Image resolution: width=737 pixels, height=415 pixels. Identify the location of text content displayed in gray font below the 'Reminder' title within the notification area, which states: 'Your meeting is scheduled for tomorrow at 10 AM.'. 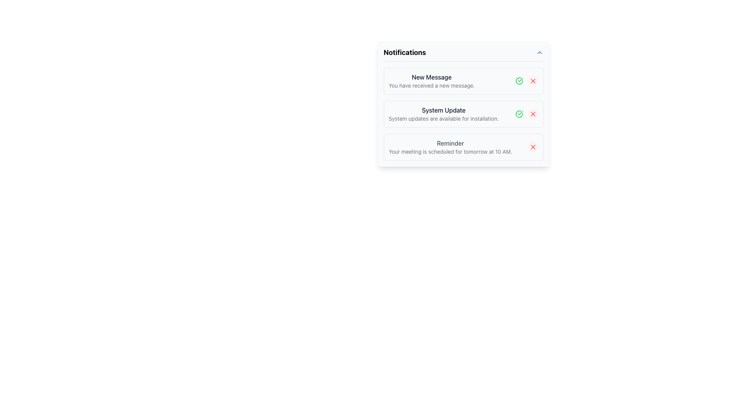
(450, 151).